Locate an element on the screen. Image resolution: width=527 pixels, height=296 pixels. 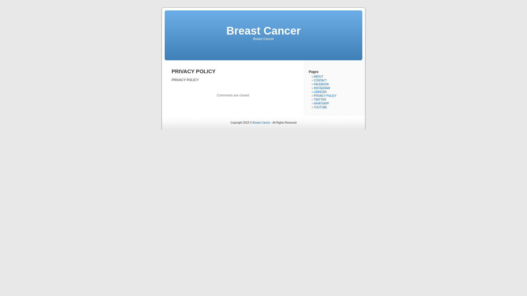
'ABOUT' is located at coordinates (318, 76).